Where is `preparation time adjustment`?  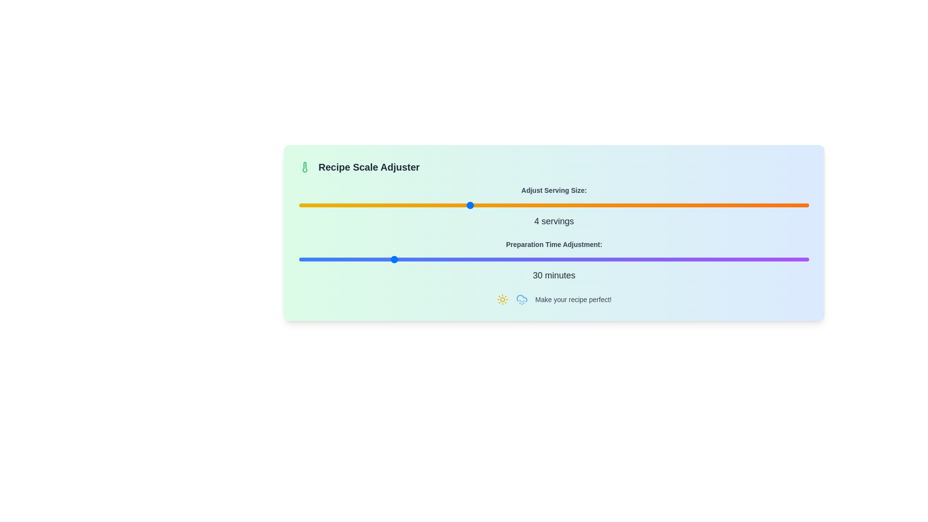 preparation time adjustment is located at coordinates (591, 259).